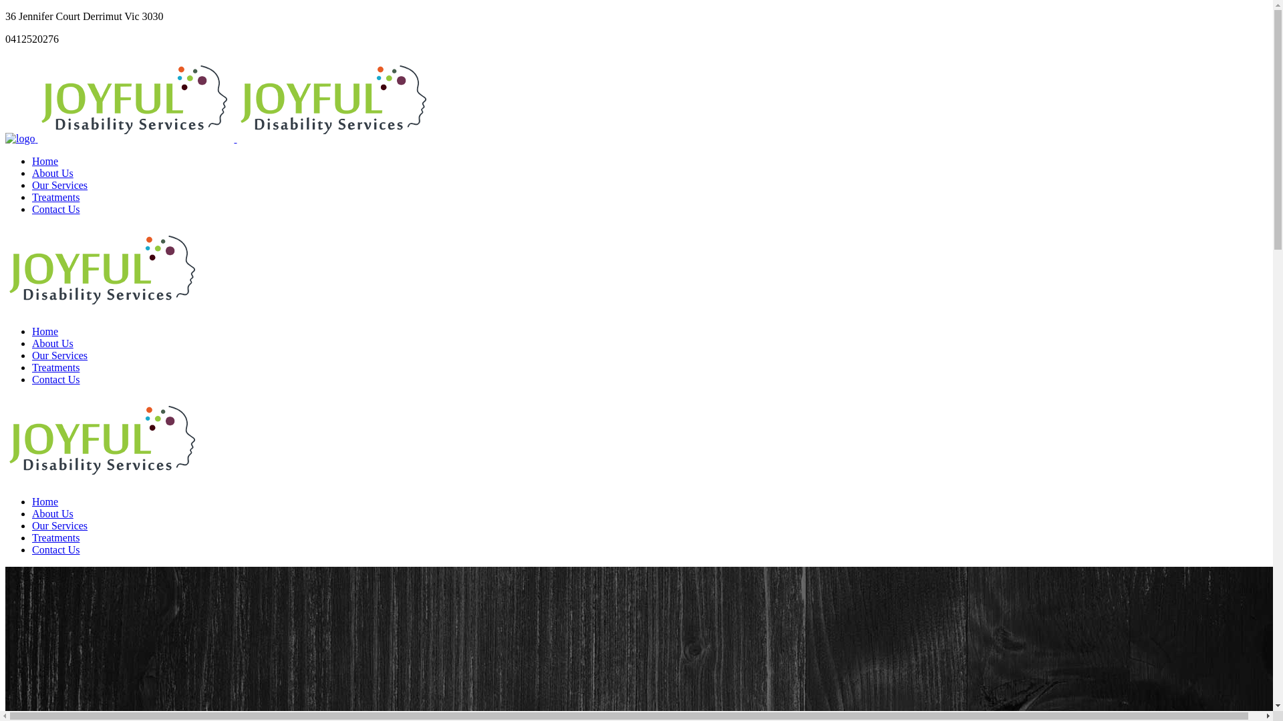 The image size is (1283, 721). Describe the element at coordinates (55, 197) in the screenshot. I see `'Treatments'` at that location.